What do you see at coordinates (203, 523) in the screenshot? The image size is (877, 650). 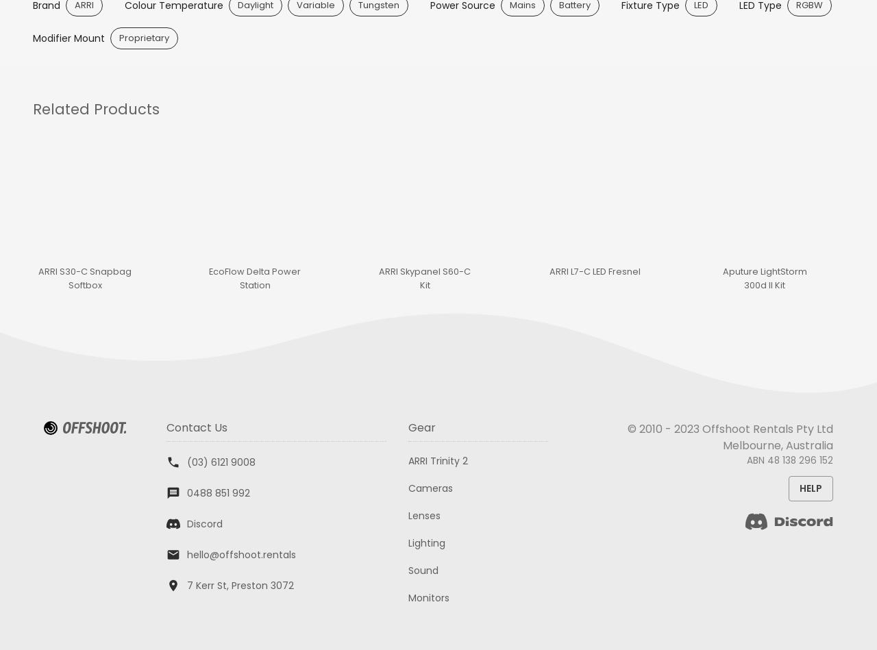 I see `'Discord'` at bounding box center [203, 523].